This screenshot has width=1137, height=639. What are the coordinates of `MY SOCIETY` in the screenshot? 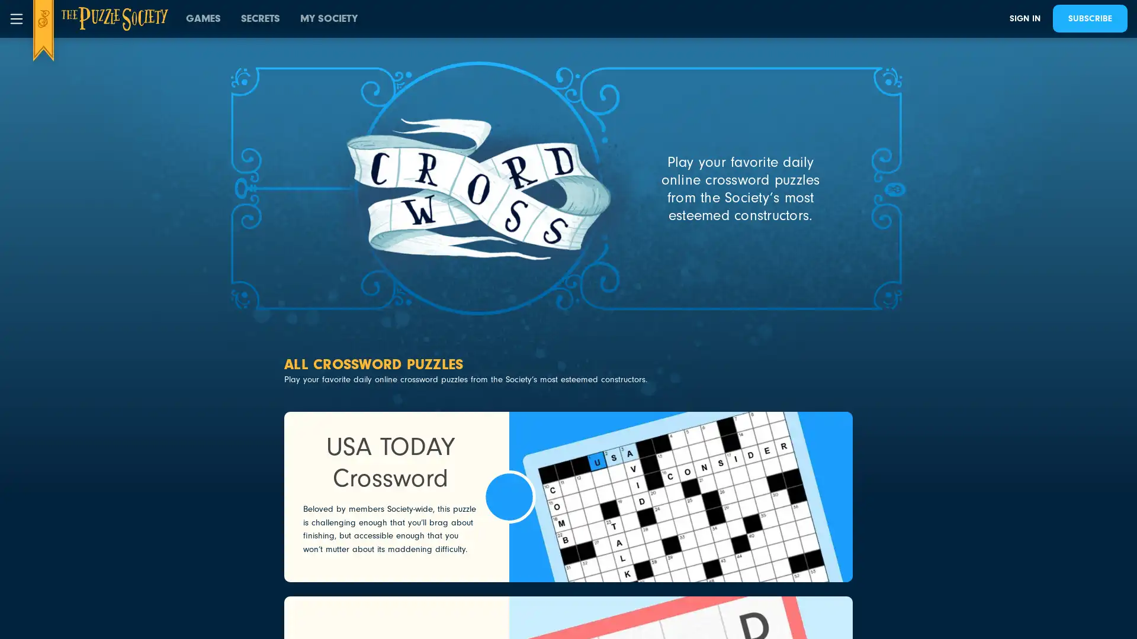 It's located at (329, 18).